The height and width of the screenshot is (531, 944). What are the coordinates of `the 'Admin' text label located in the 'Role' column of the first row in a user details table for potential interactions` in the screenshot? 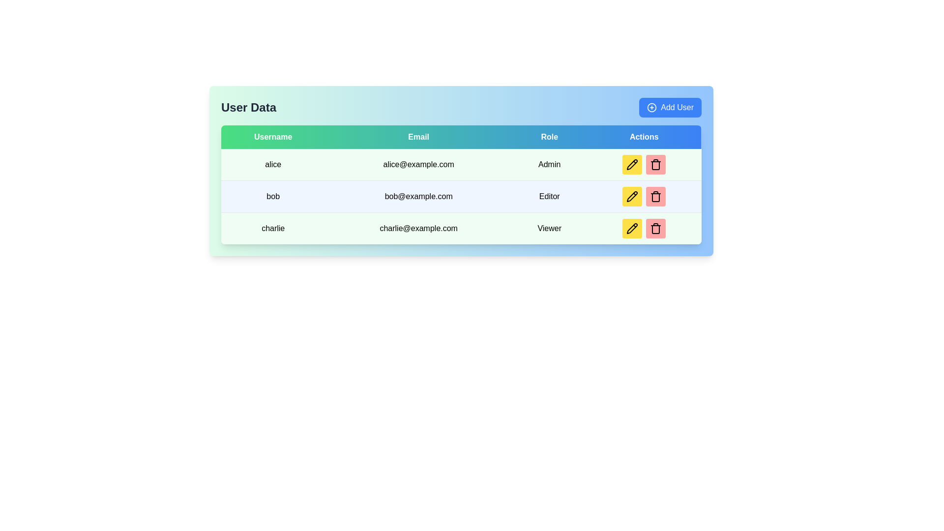 It's located at (549, 164).